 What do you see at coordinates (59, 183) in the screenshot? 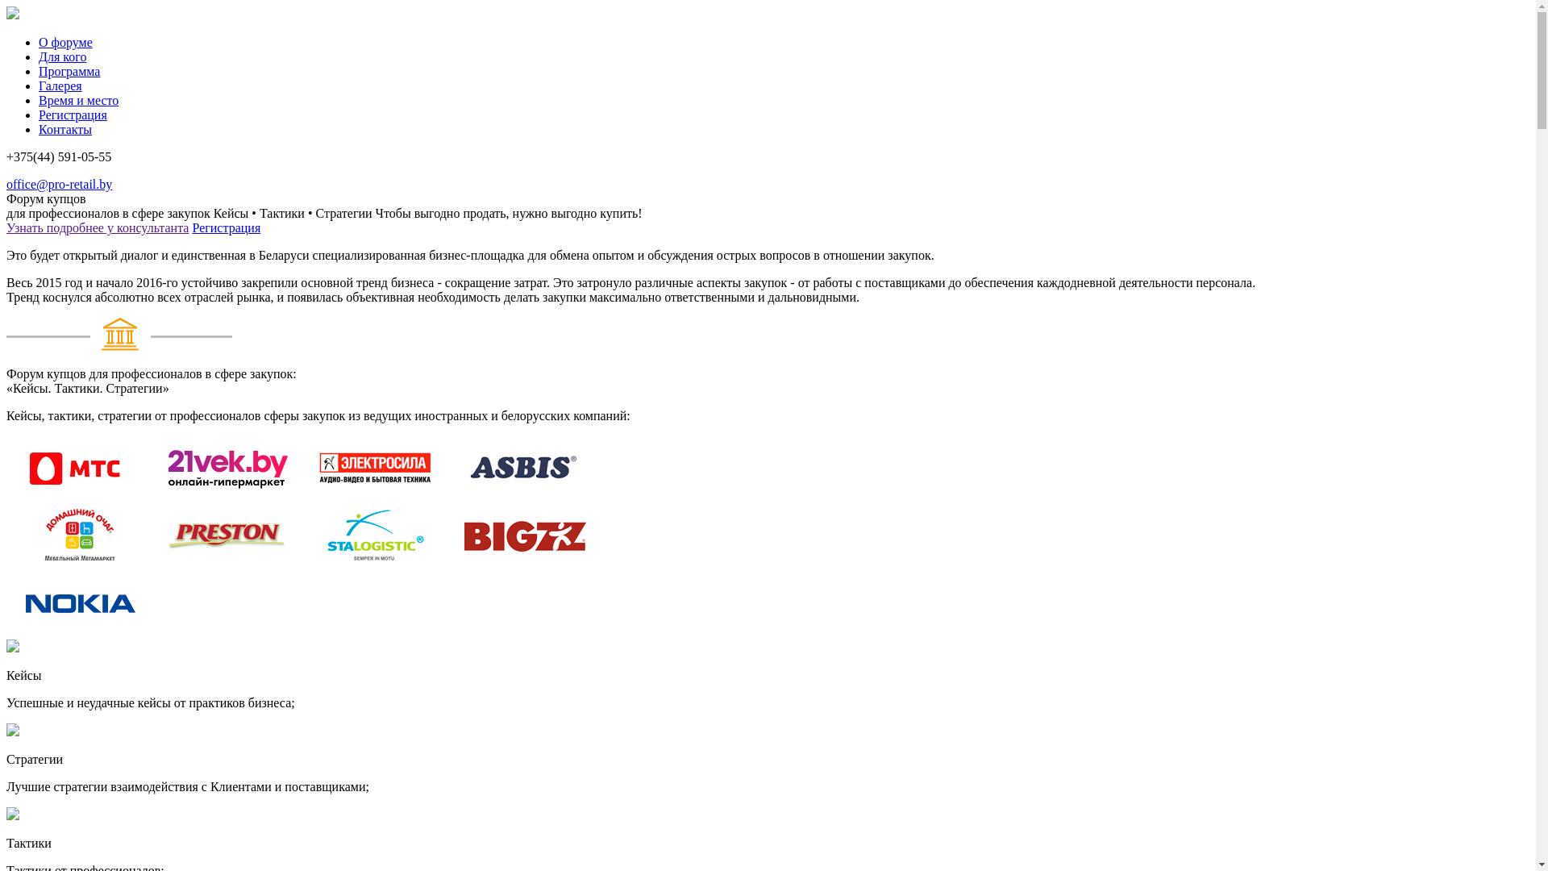
I see `'office@pro-retail.by'` at bounding box center [59, 183].